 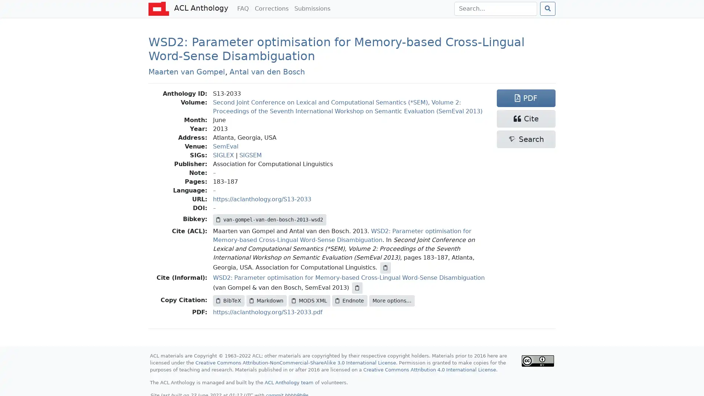 I want to click on BibTeX, so click(x=228, y=300).